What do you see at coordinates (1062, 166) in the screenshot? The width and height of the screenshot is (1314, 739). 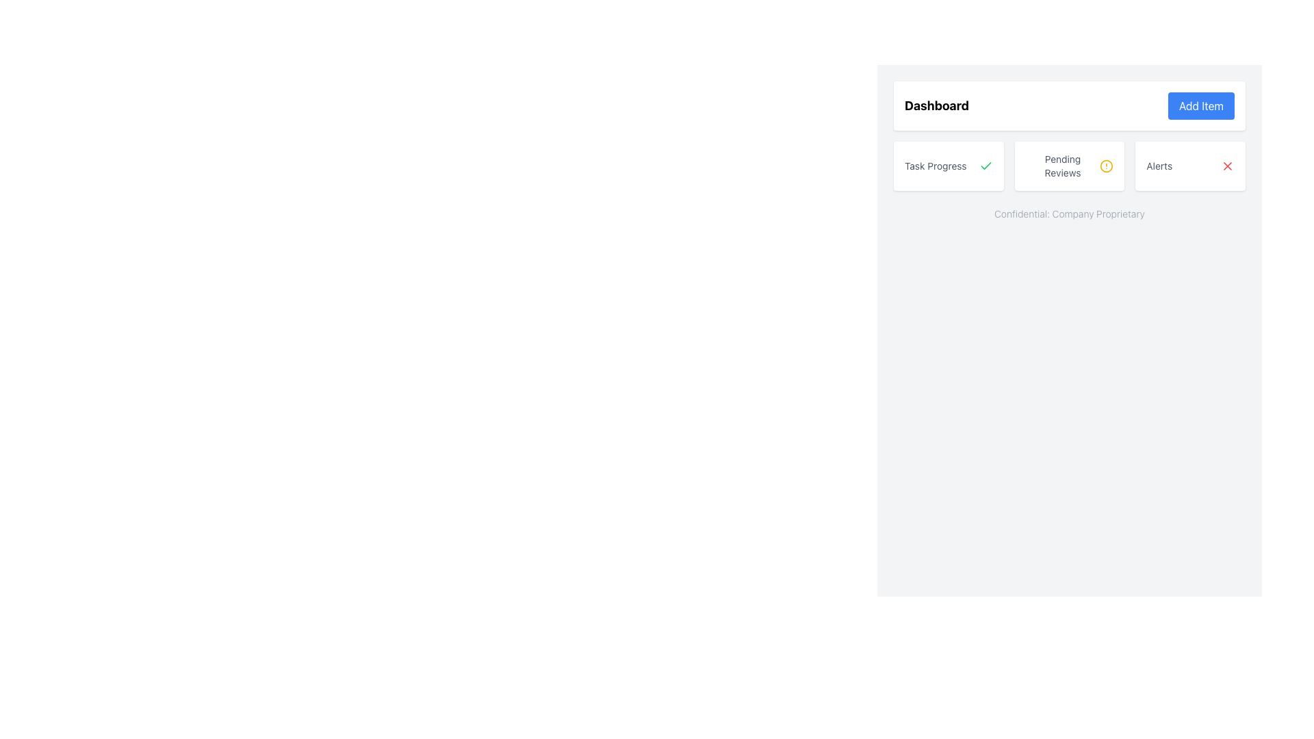 I see `the 'Pending Reviews' text label located in the middle card of three cards under the 'Dashboard' heading` at bounding box center [1062, 166].